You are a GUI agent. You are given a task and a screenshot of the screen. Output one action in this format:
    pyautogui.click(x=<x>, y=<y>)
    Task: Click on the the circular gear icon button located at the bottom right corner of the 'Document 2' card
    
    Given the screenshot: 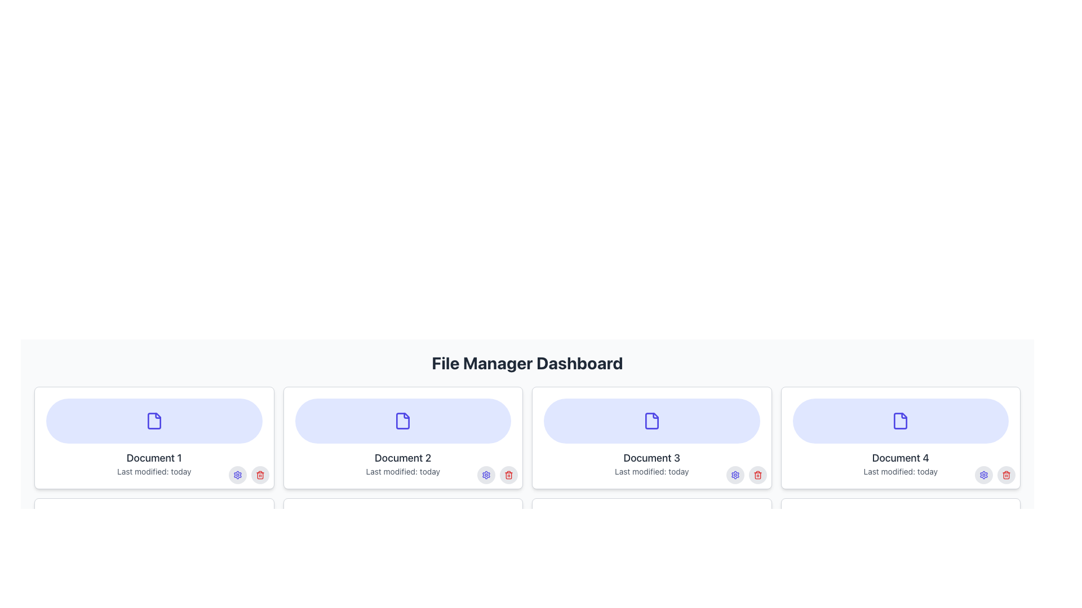 What is the action you would take?
    pyautogui.click(x=486, y=475)
    